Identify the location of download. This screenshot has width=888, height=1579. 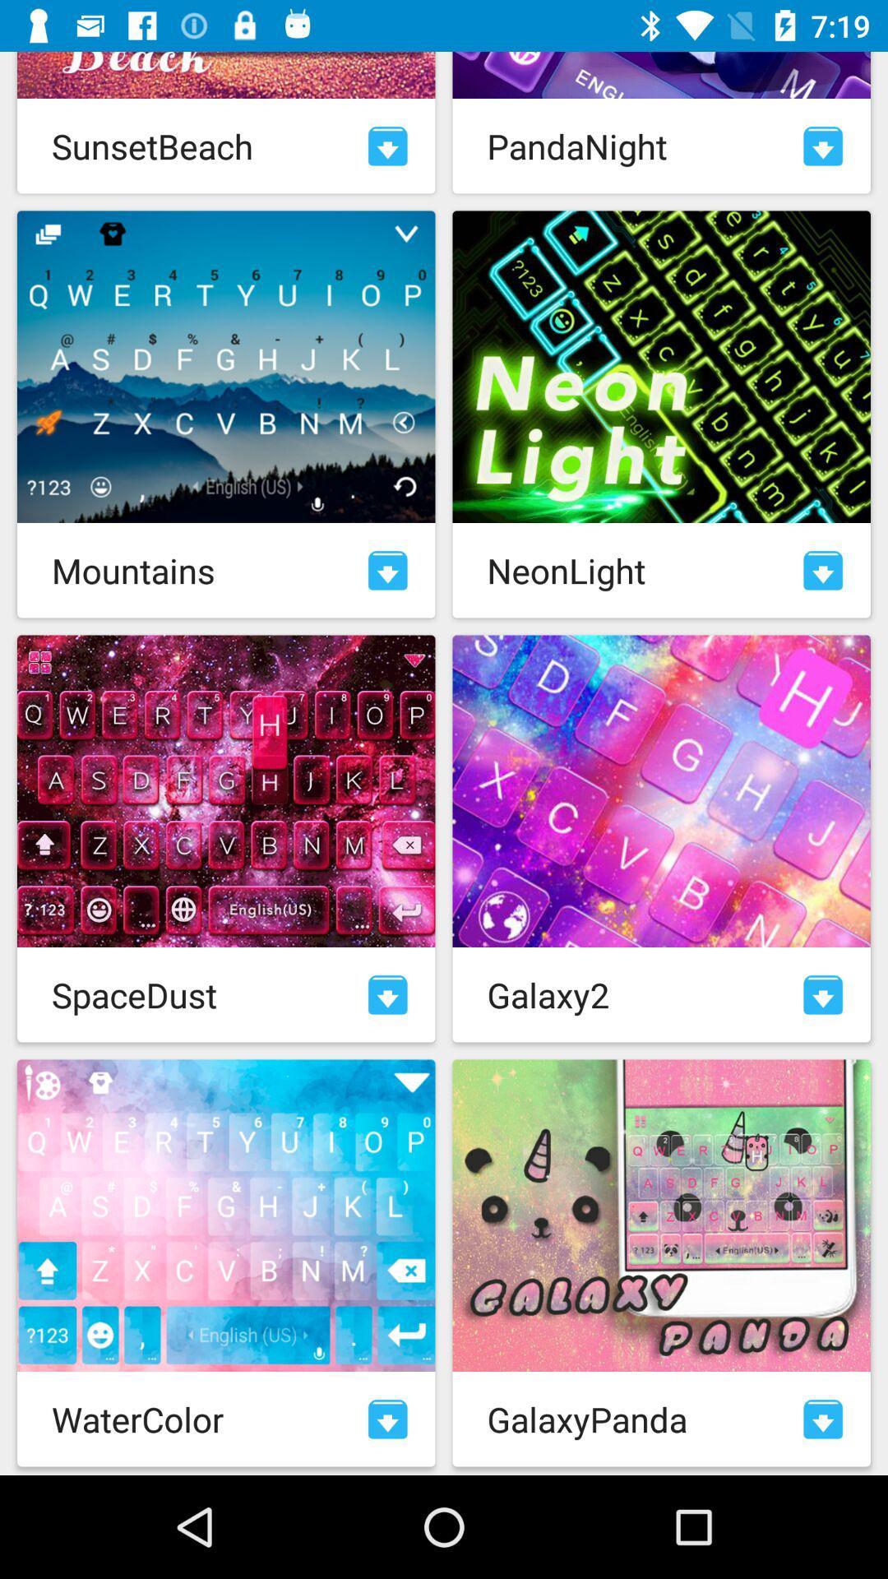
(387, 993).